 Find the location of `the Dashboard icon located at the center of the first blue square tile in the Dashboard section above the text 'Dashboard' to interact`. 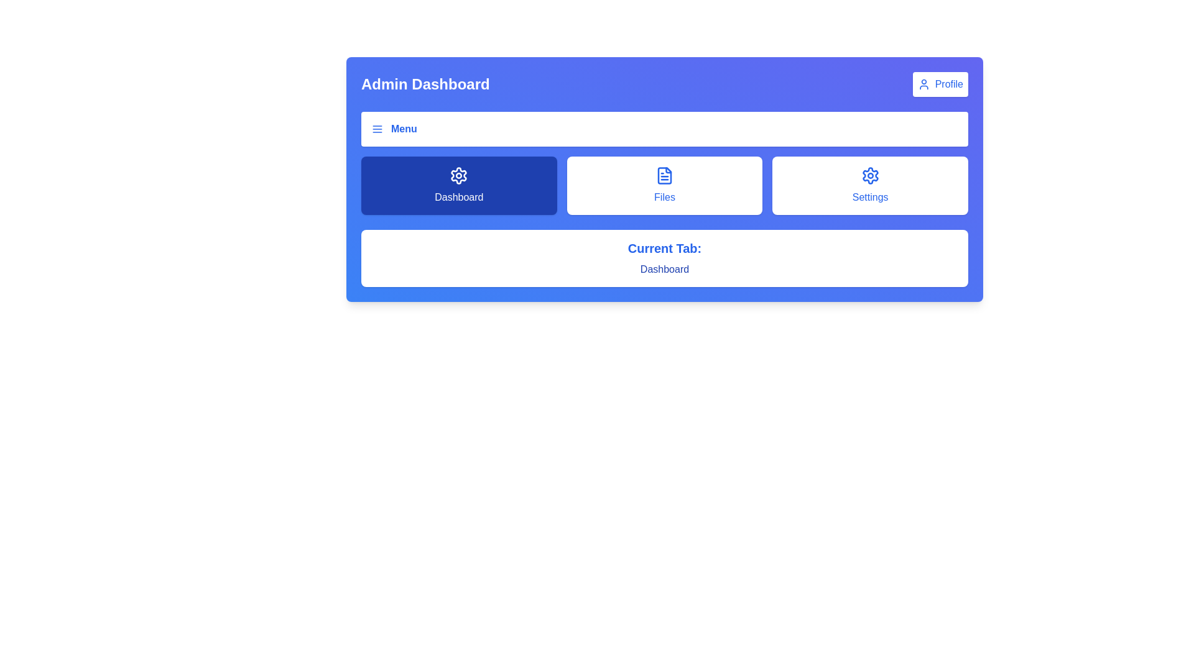

the Dashboard icon located at the center of the first blue square tile in the Dashboard section above the text 'Dashboard' to interact is located at coordinates (458, 175).